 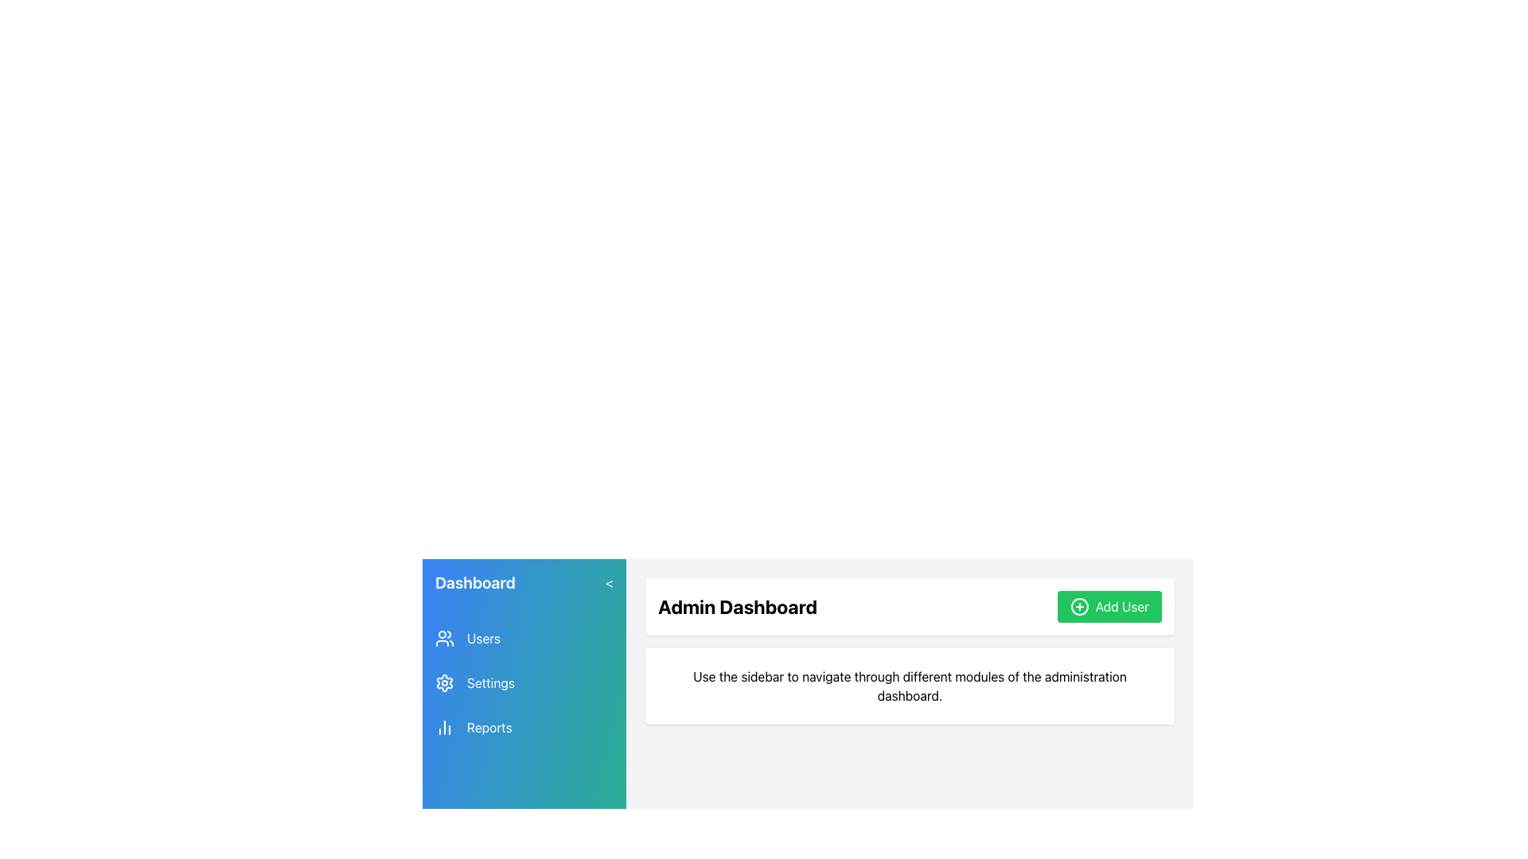 What do you see at coordinates (444, 682) in the screenshot?
I see `the settings graphical icon in the sidebar menu, which is positioned to the left of the 'Settings' label` at bounding box center [444, 682].